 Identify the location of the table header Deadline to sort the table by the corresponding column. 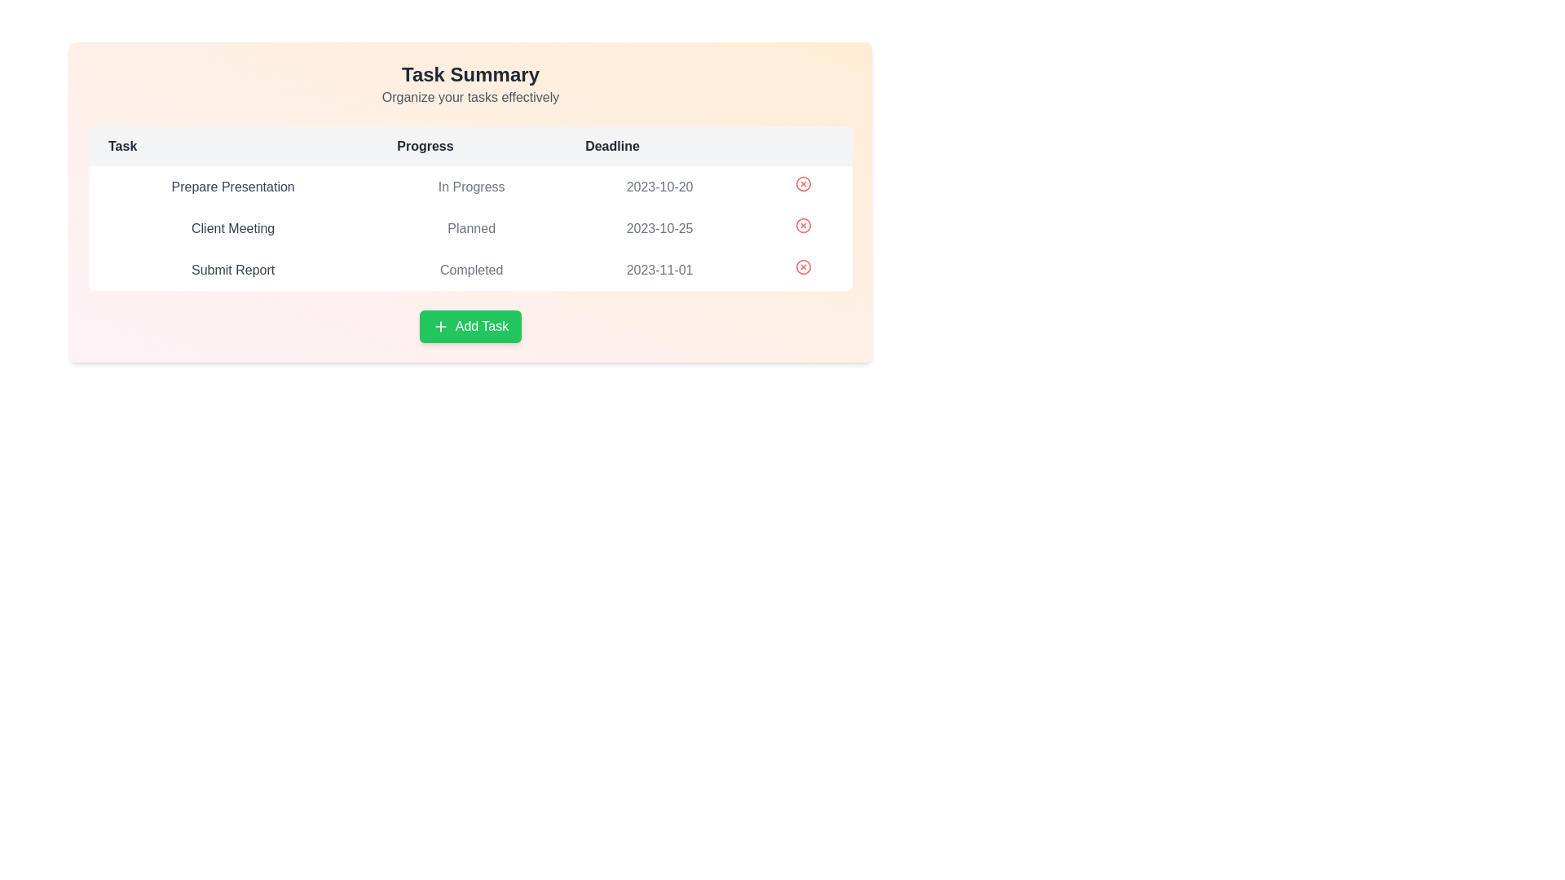
(660, 147).